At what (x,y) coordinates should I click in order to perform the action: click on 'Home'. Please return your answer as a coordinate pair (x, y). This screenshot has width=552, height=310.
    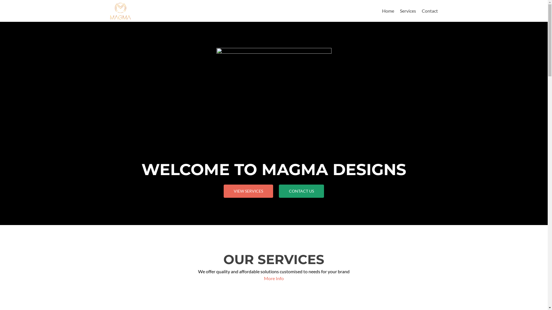
    Looking at the image, I should click on (388, 11).